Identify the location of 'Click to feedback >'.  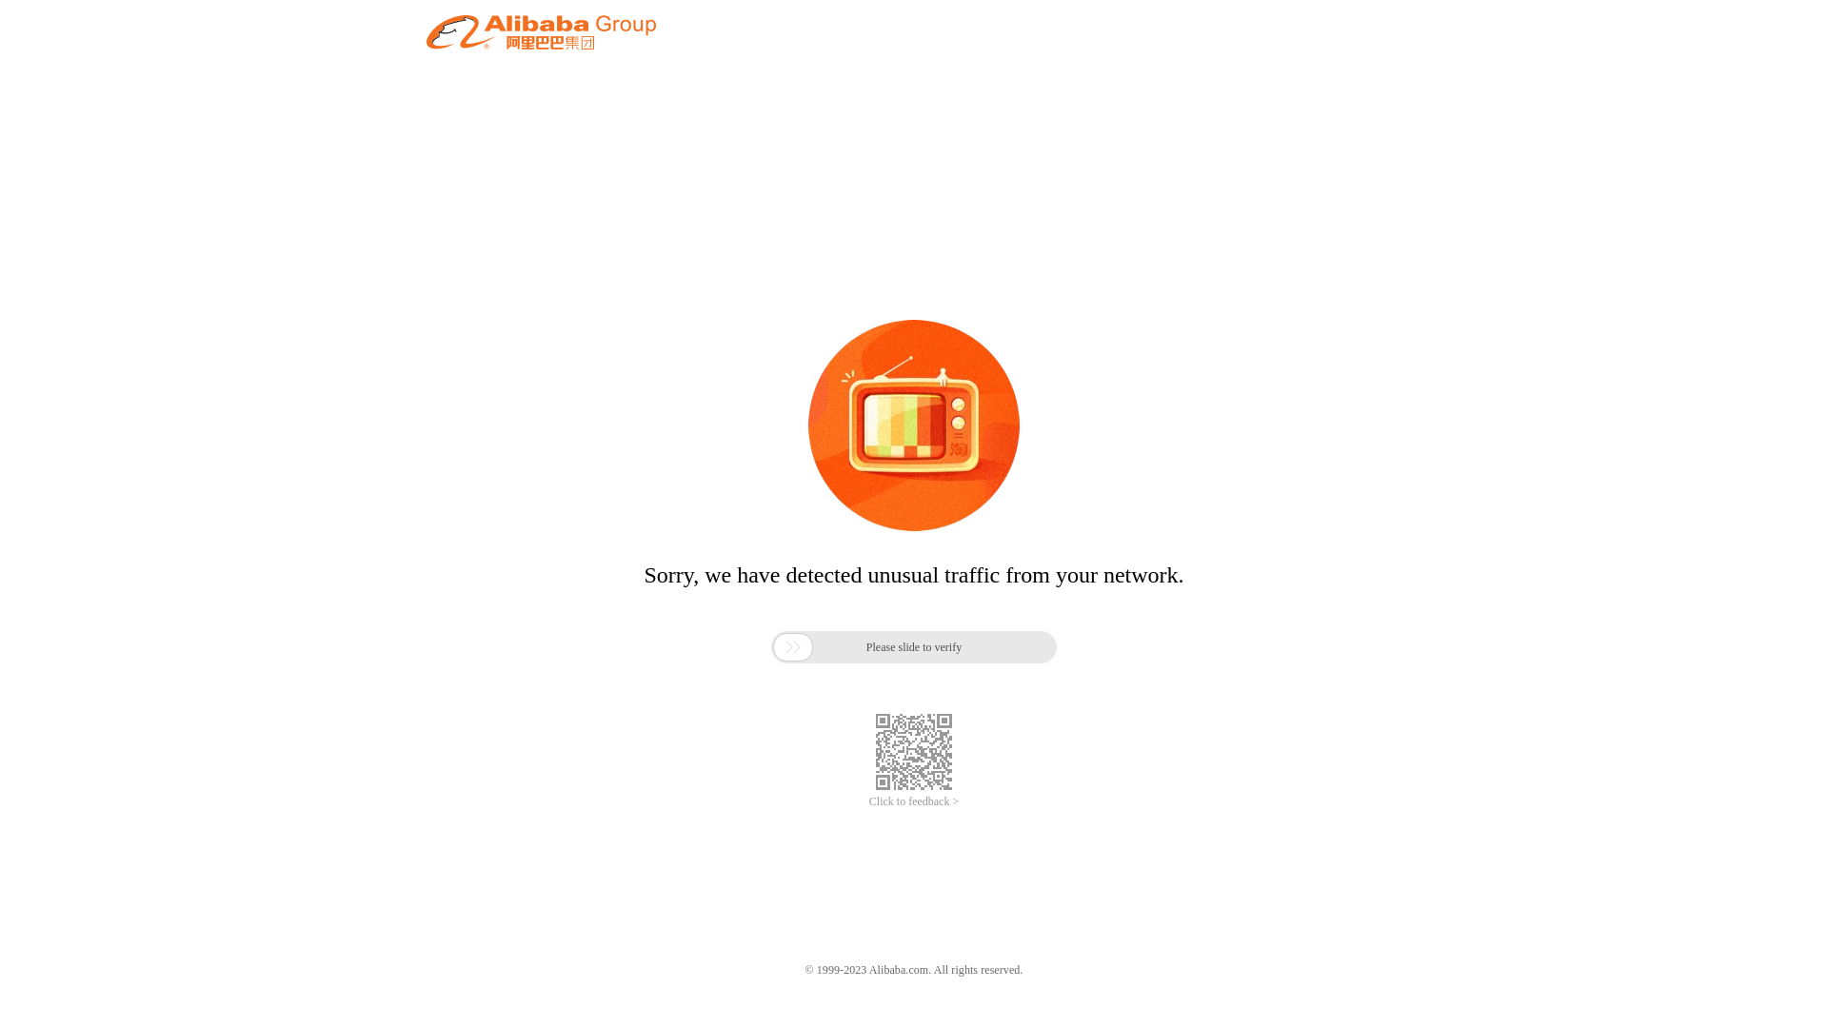
(914, 801).